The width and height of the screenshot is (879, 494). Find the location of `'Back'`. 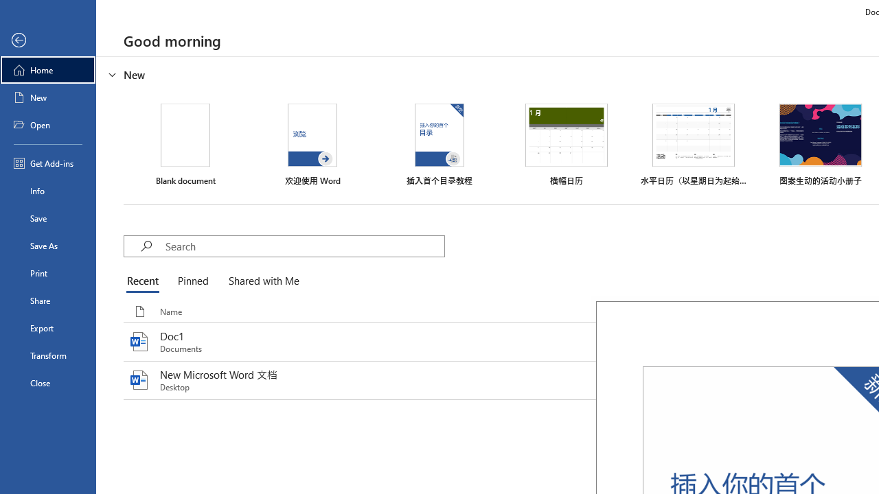

'Back' is located at coordinates (47, 40).